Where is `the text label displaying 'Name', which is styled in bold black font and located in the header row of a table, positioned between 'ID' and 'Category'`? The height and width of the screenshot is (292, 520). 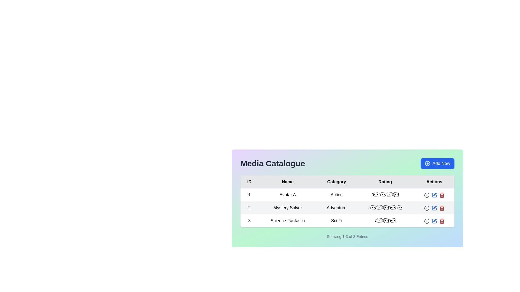
the text label displaying 'Name', which is styled in bold black font and located in the header row of a table, positioned between 'ID' and 'Category' is located at coordinates (287, 182).